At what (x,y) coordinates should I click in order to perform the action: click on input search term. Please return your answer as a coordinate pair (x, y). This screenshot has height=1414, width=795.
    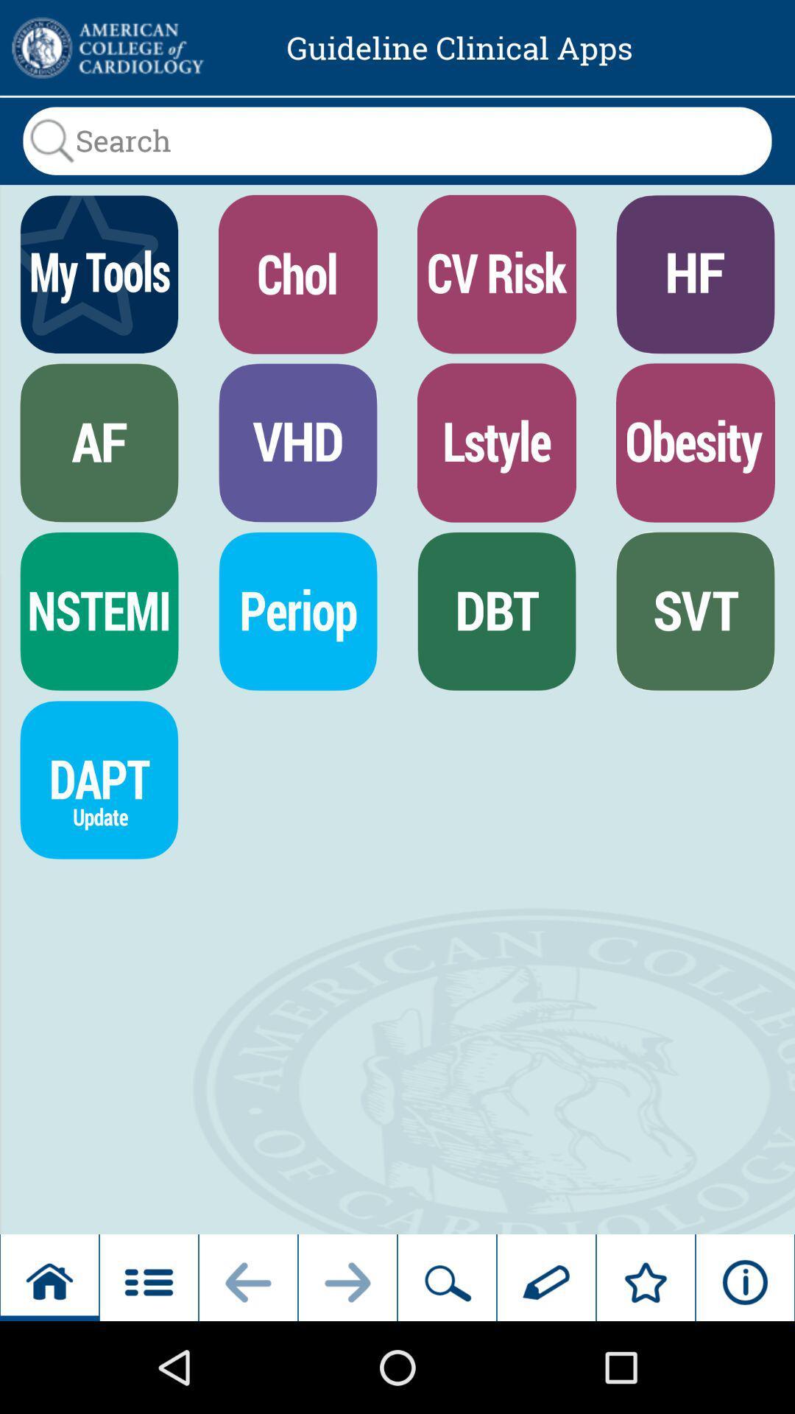
    Looking at the image, I should click on (397, 141).